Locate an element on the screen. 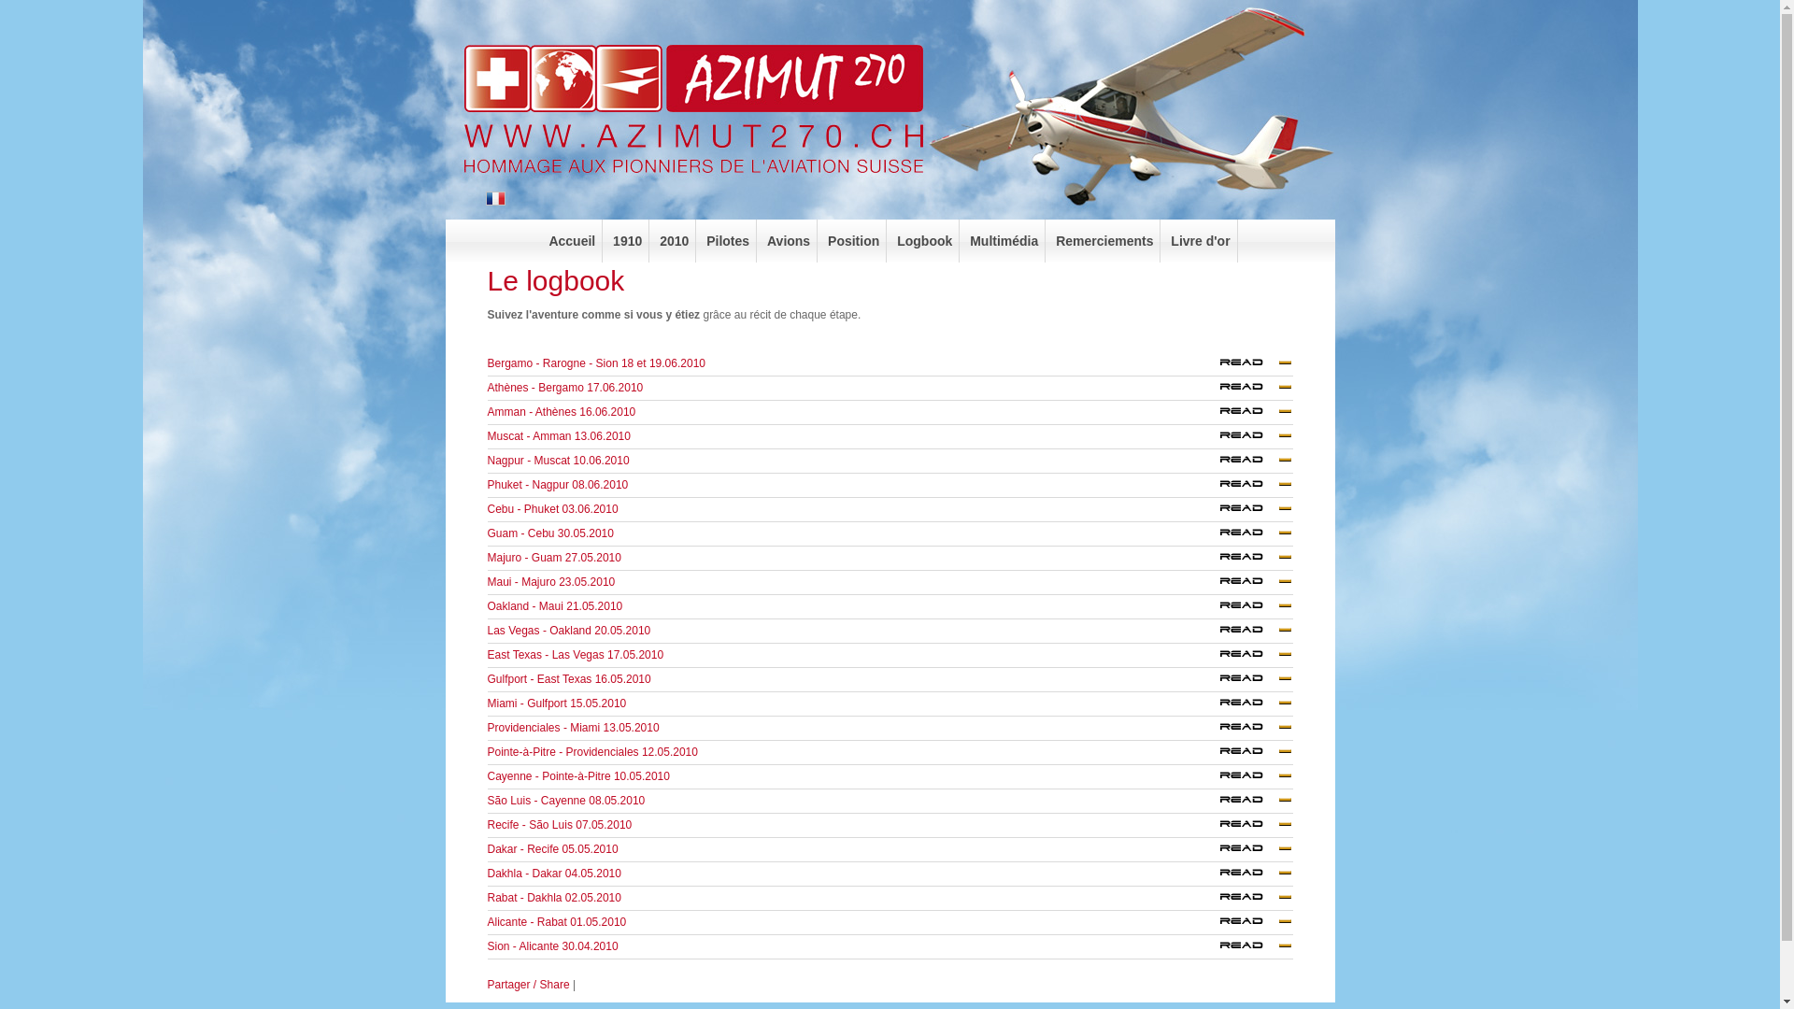 This screenshot has height=1009, width=1794. 'Logbook' is located at coordinates (924, 240).